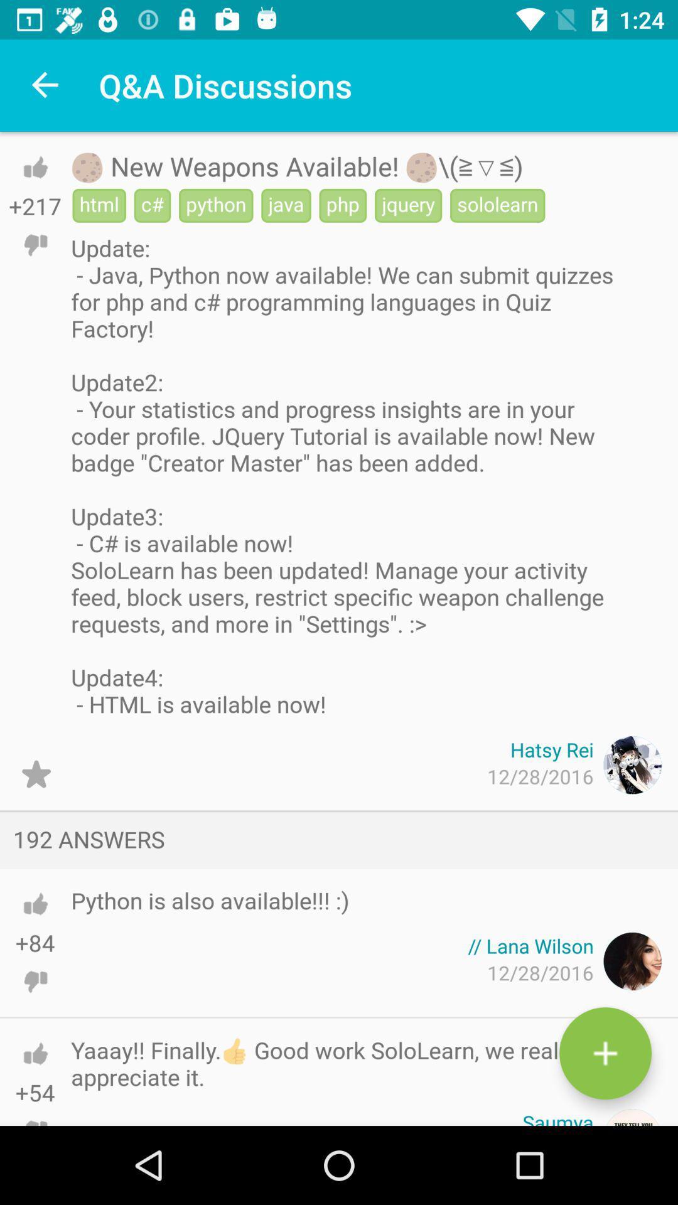 The width and height of the screenshot is (678, 1205). What do you see at coordinates (35, 1053) in the screenshot?
I see `thumbs up` at bounding box center [35, 1053].